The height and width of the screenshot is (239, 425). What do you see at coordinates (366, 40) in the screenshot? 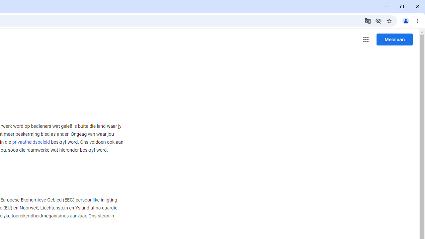
I see `'Google-programme'` at bounding box center [366, 40].